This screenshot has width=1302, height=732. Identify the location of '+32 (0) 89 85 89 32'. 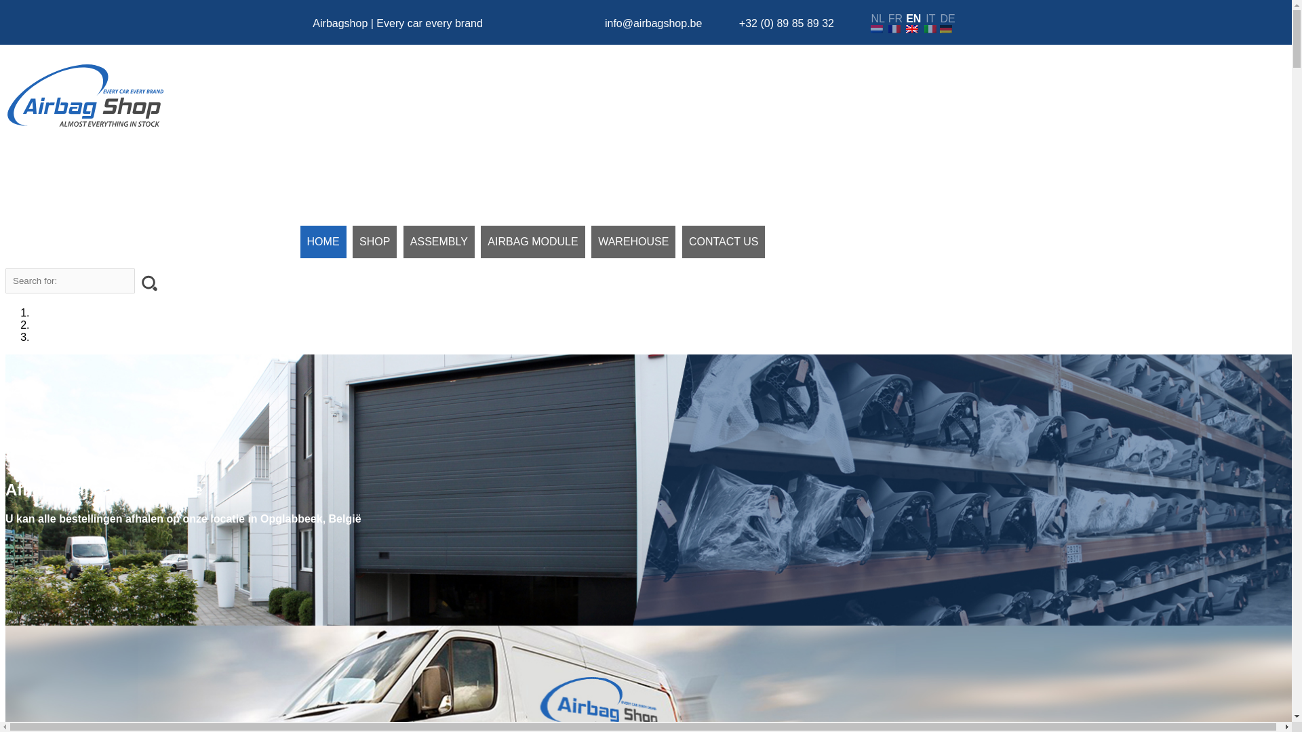
(787, 23).